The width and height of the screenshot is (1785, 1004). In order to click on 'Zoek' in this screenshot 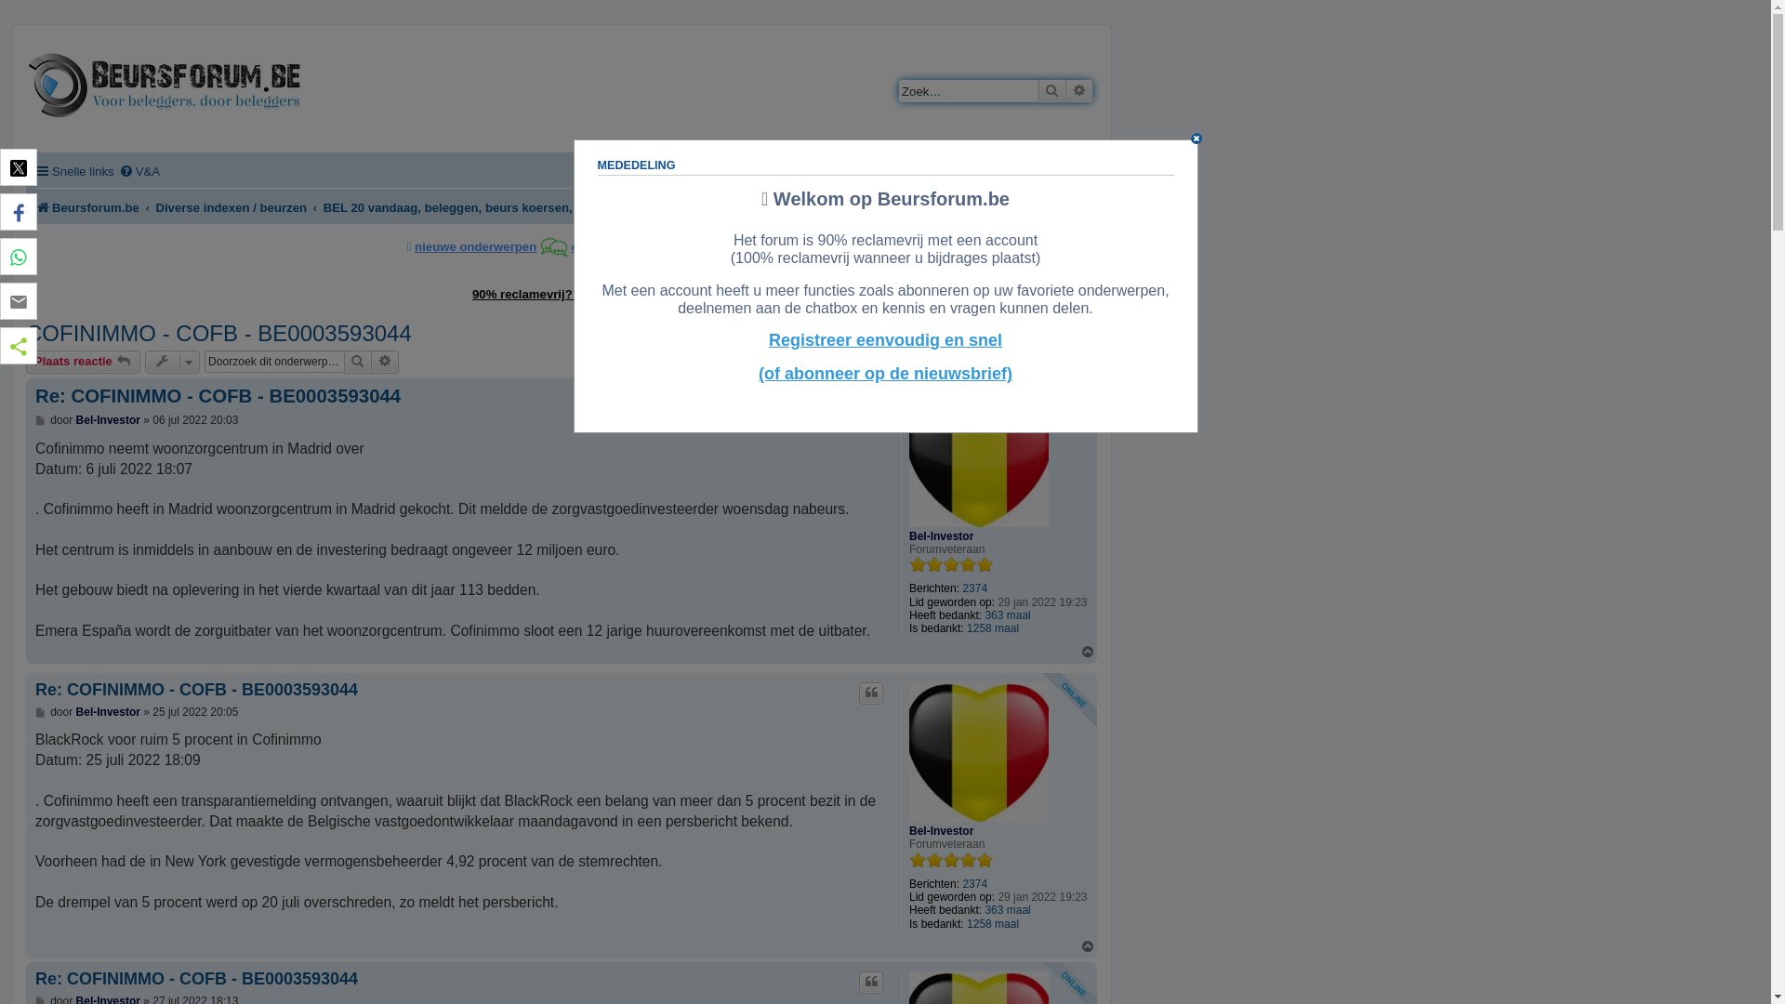, I will do `click(1052, 90)`.